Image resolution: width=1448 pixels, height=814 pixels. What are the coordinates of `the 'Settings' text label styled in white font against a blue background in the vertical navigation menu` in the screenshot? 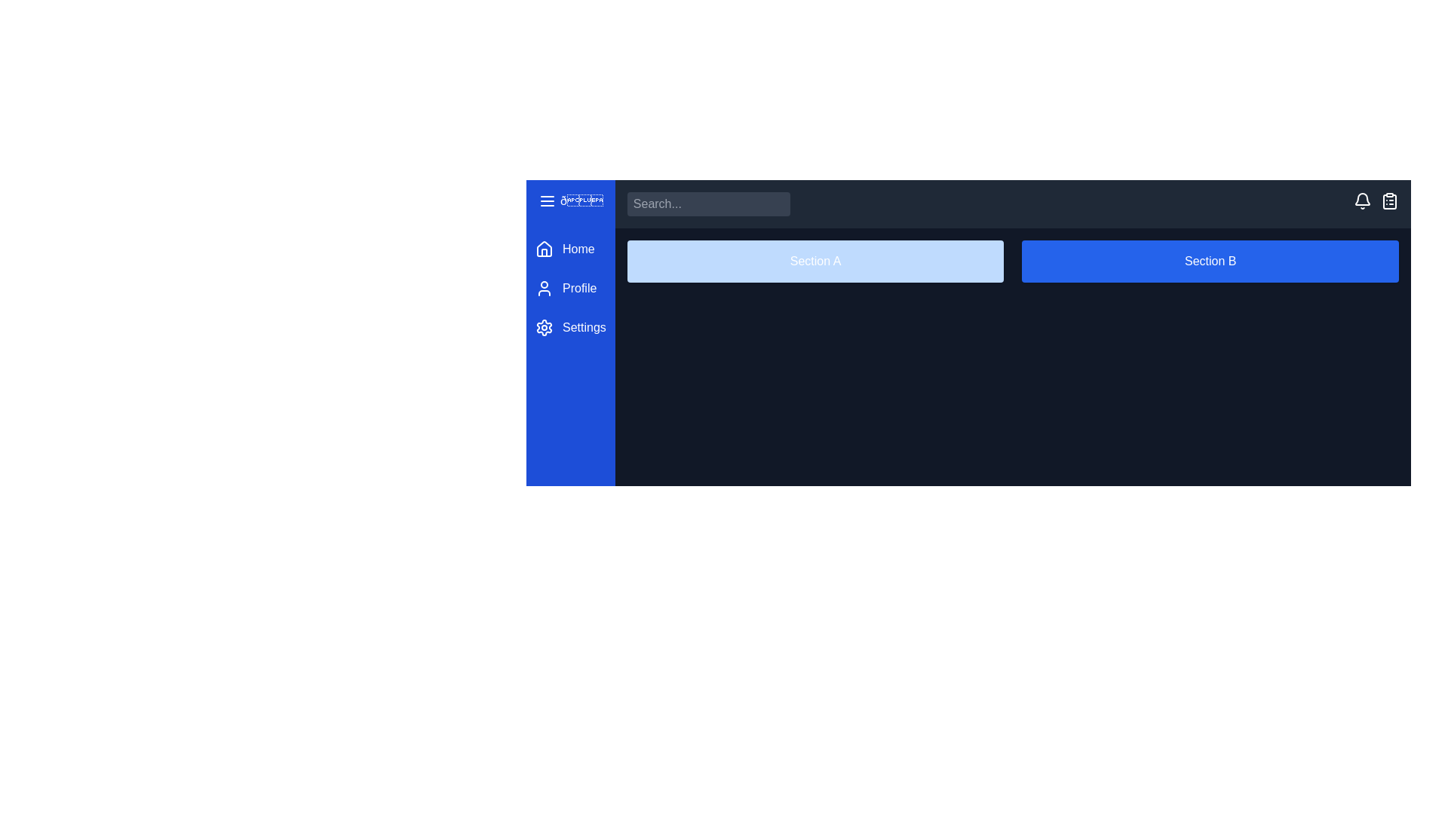 It's located at (583, 327).